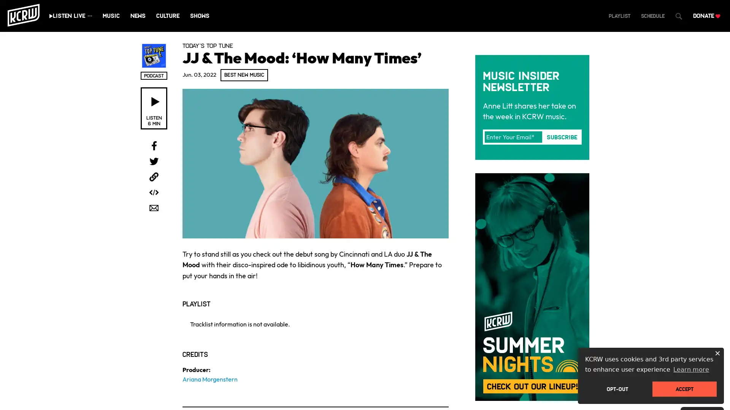  Describe the element at coordinates (153, 192) in the screenshot. I see `Open sharing and embed overlay` at that location.